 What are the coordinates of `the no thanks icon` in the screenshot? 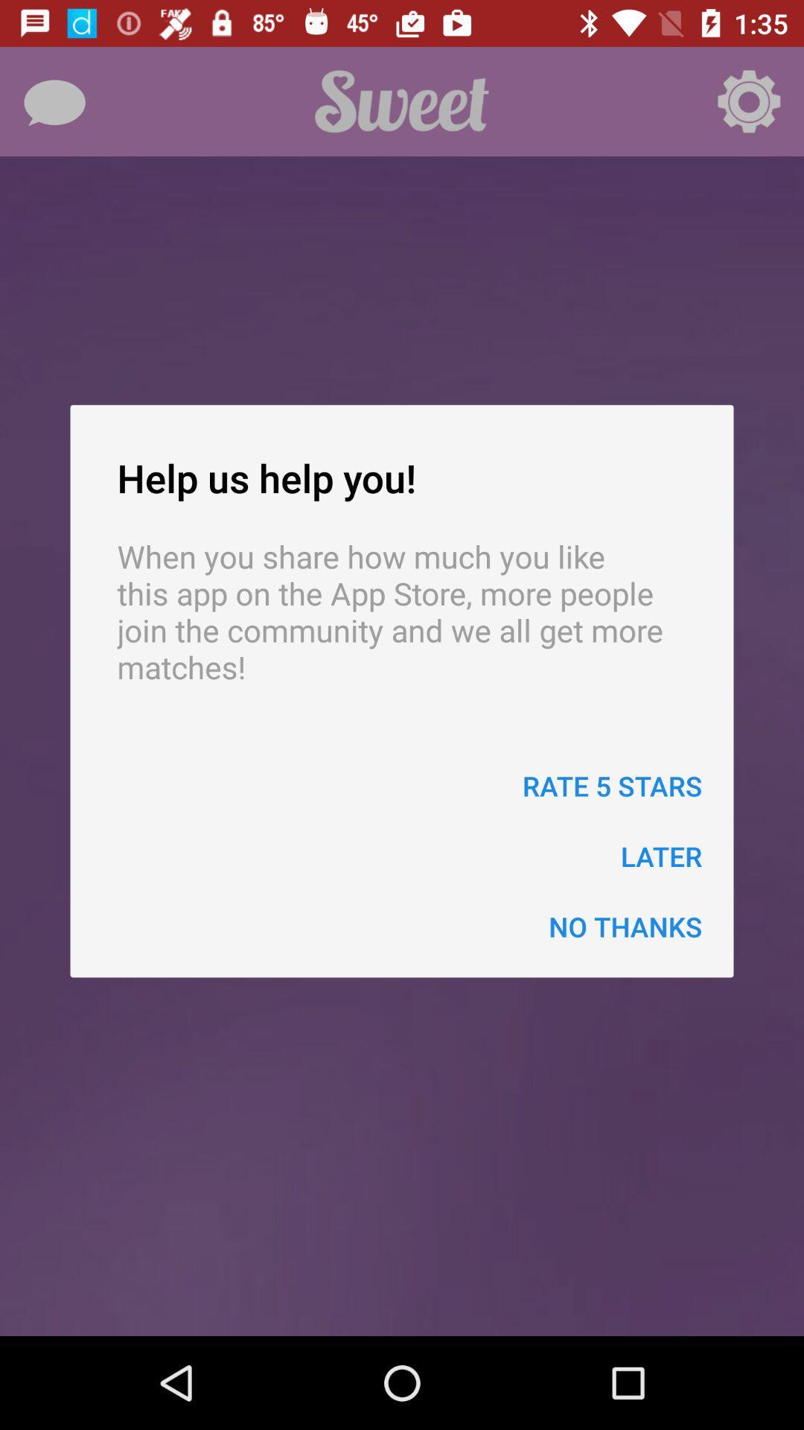 It's located at (625, 926).